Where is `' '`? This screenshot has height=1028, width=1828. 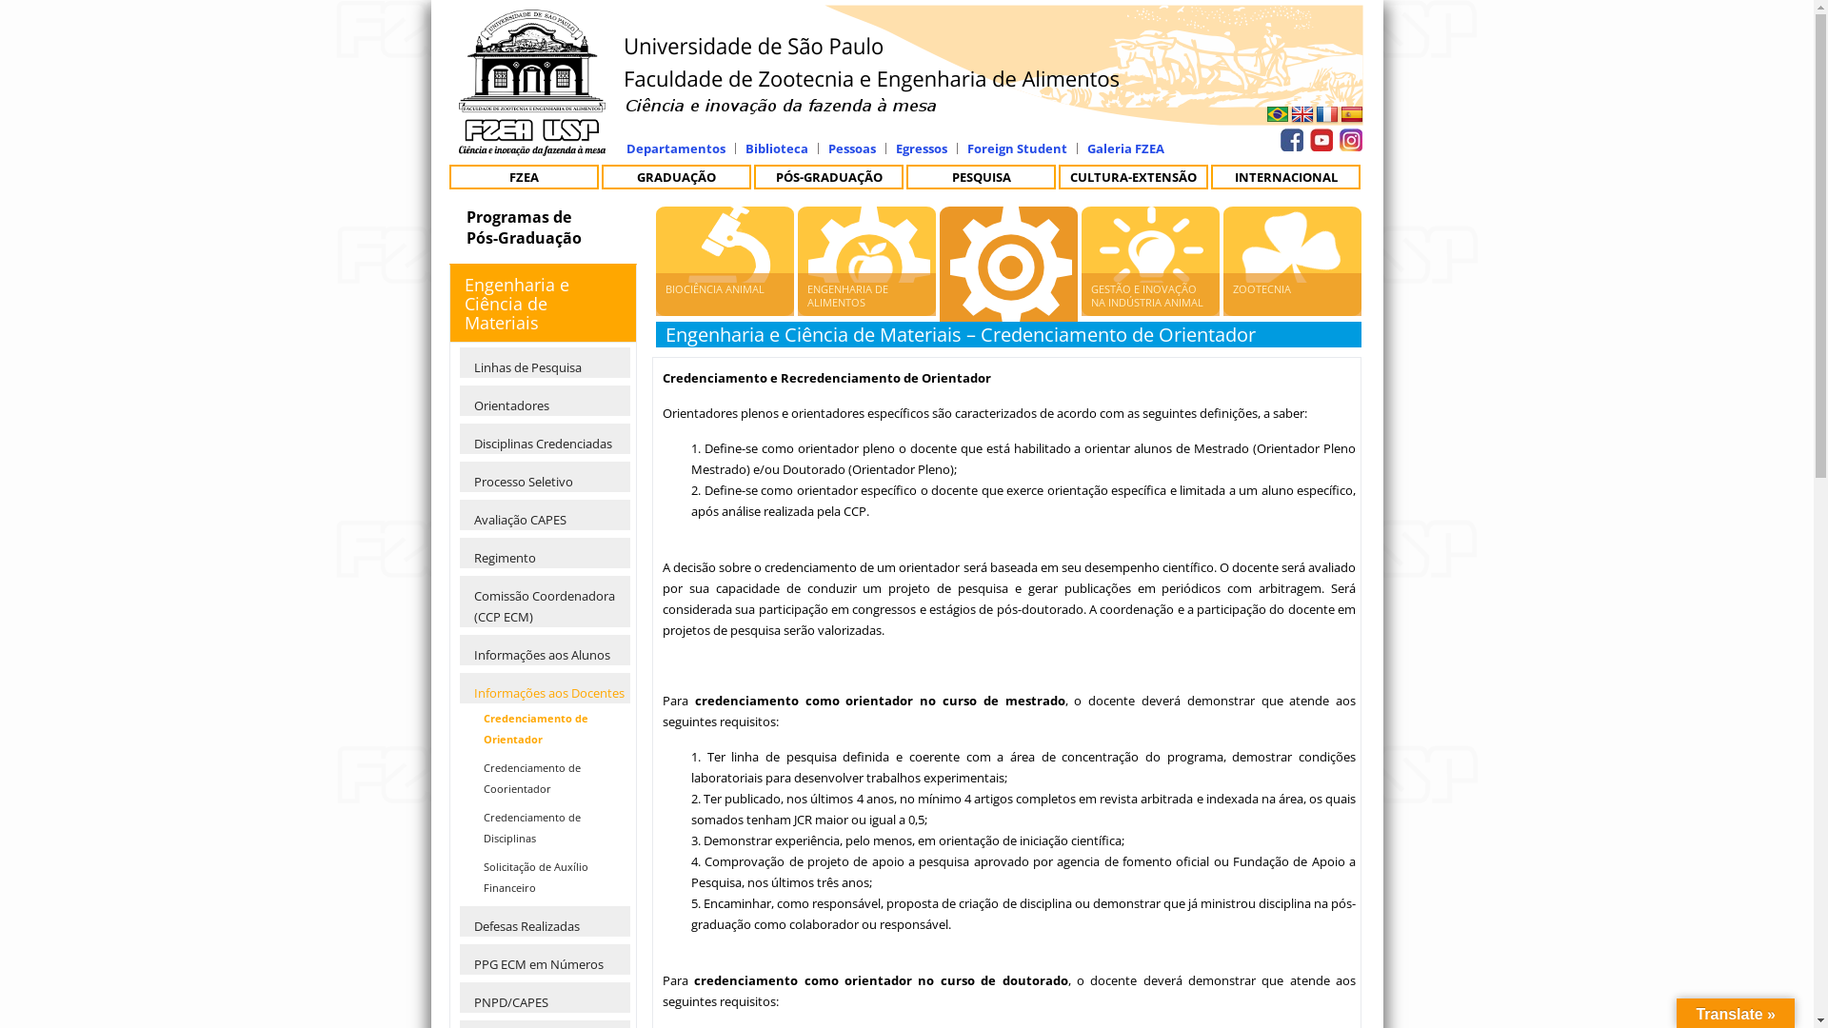
' ' is located at coordinates (1347, 135).